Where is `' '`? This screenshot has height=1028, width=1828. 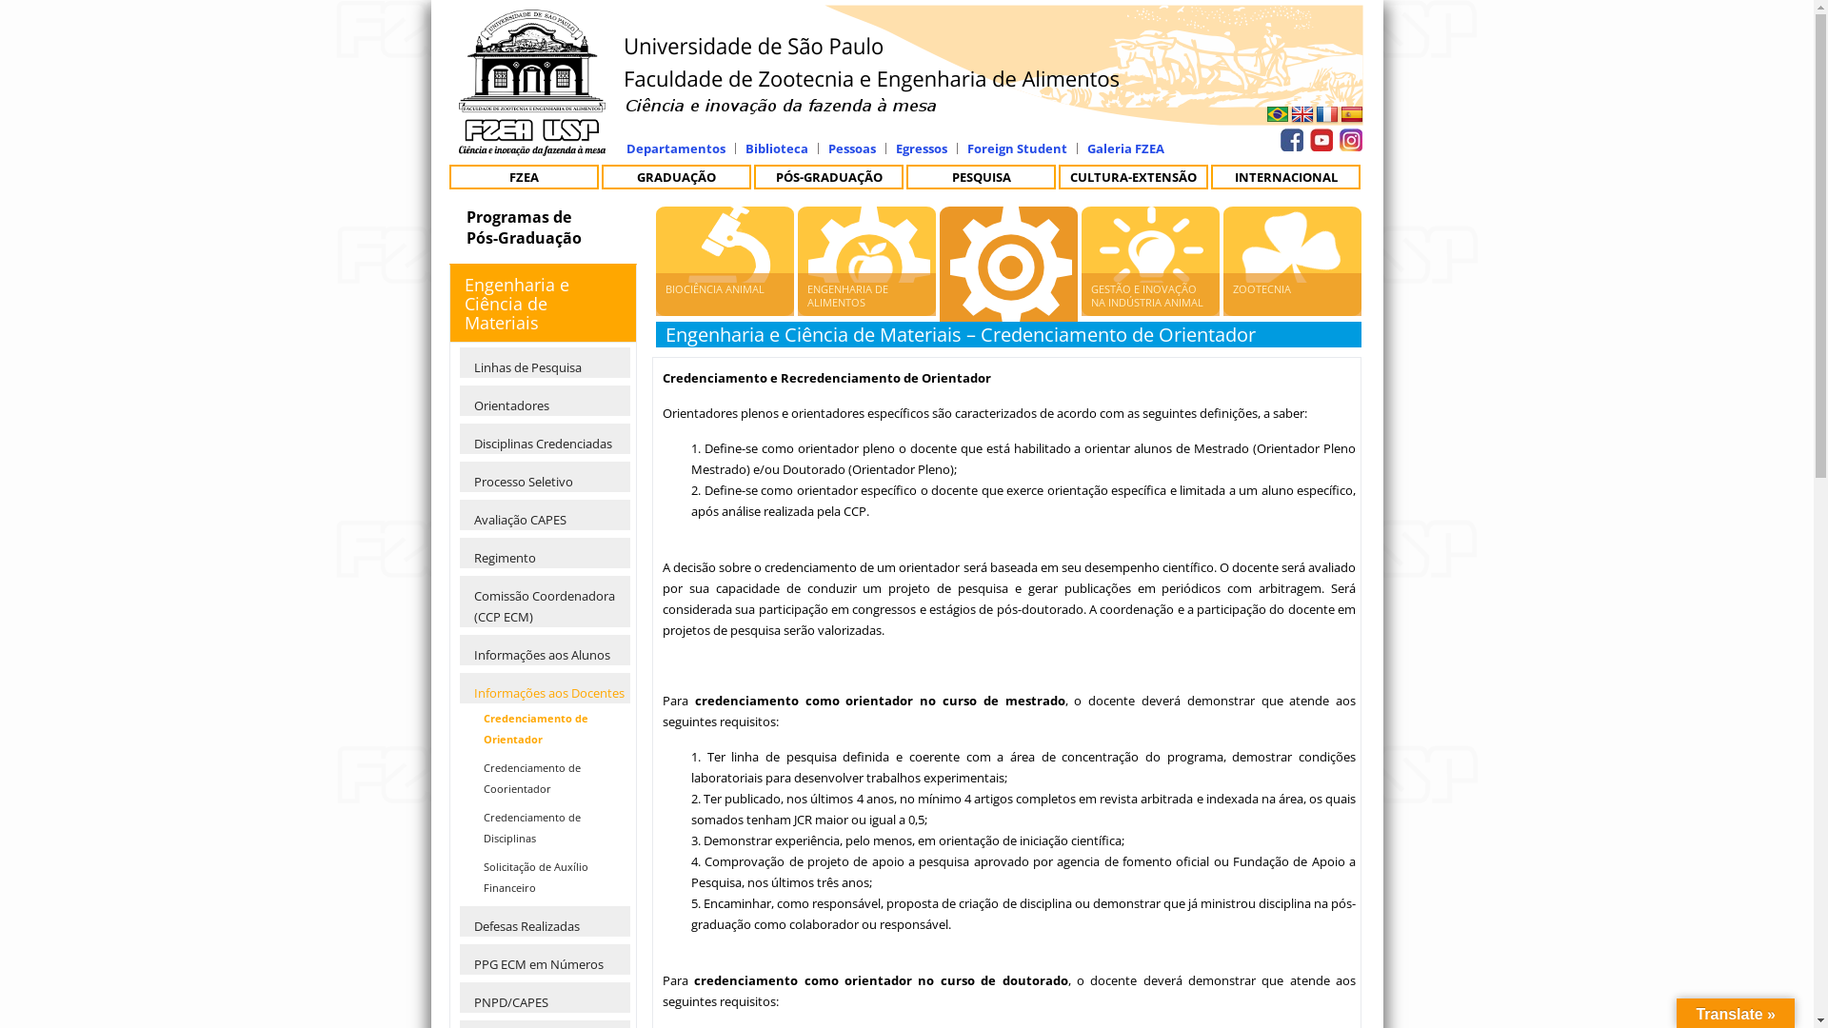
' ' is located at coordinates (1347, 135).